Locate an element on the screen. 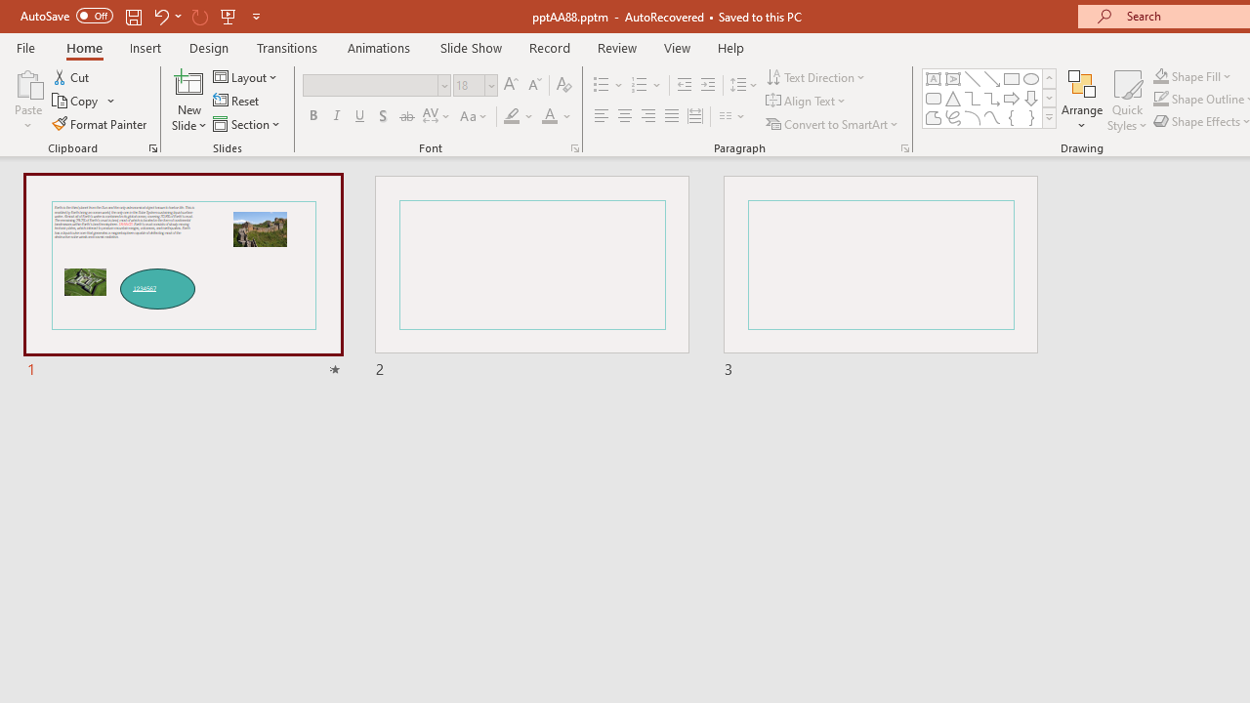 The height and width of the screenshot is (703, 1250). 'Strikethrough' is located at coordinates (405, 116).